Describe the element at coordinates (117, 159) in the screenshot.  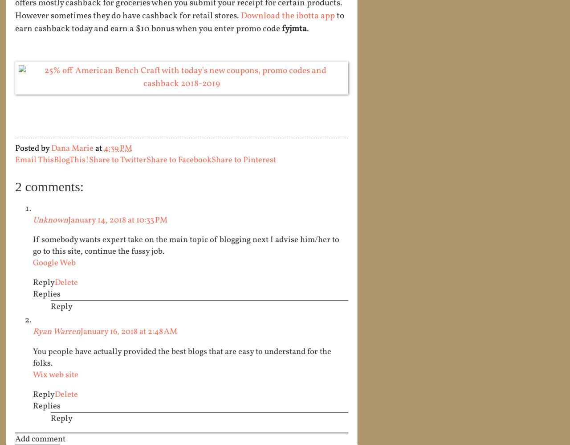
I see `'Share to Twitter'` at that location.